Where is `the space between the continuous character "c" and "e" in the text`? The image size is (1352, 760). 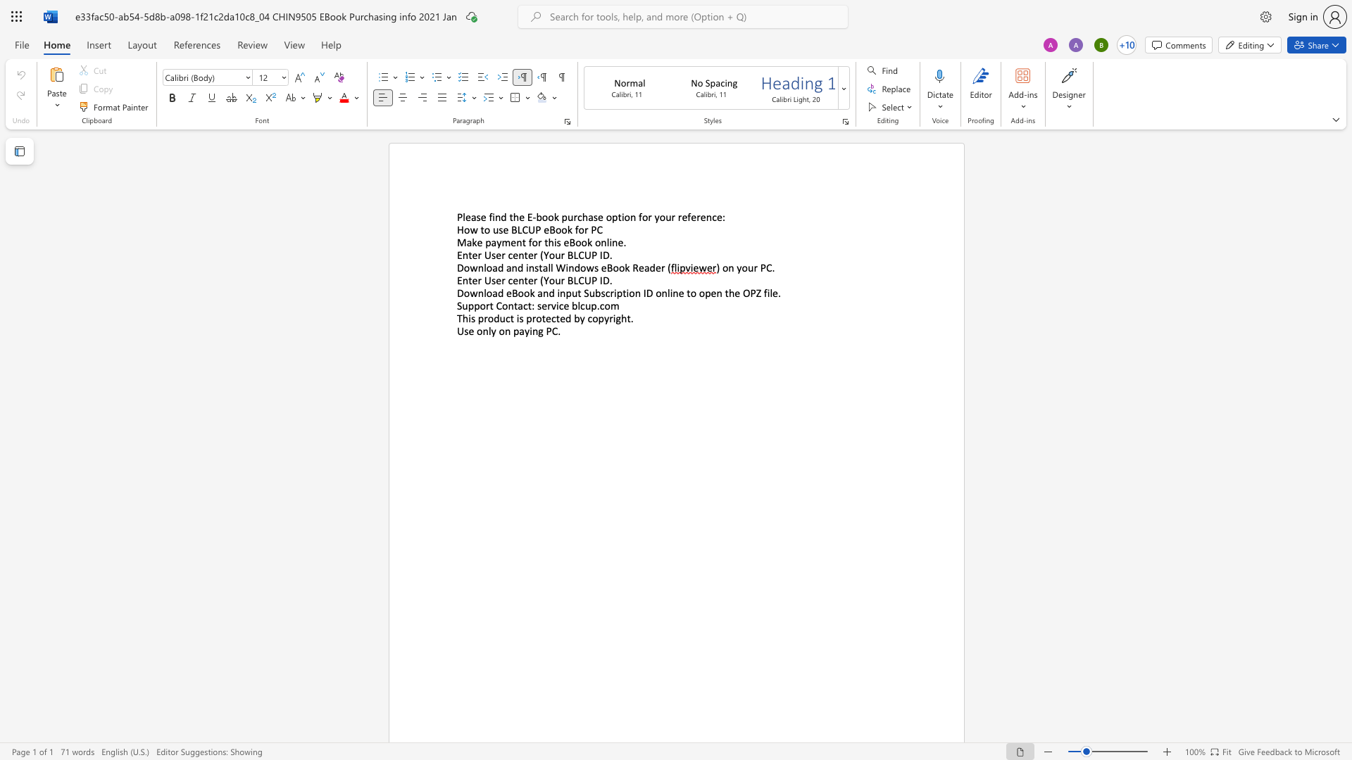
the space between the continuous character "c" and "e" in the text is located at coordinates (512, 280).